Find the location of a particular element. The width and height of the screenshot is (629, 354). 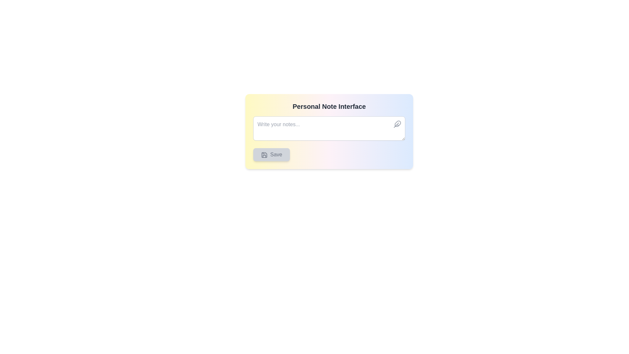

the icon representing the save functionality, located to the left of the 'Save' button text, positioned below the input field is located at coordinates (264, 154).